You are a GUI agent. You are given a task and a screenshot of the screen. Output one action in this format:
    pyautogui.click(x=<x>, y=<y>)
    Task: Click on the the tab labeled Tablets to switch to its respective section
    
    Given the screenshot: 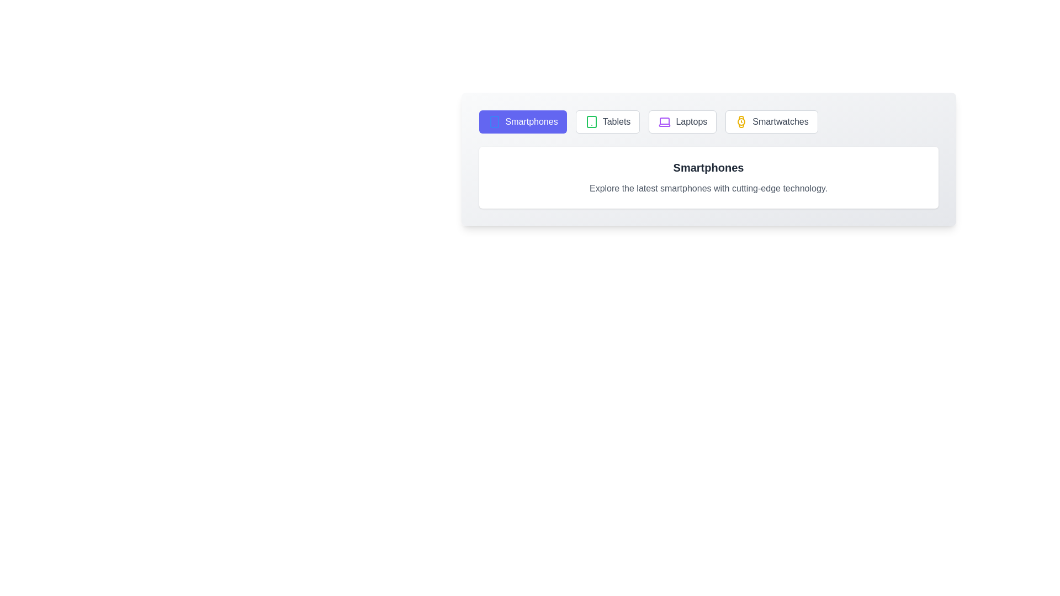 What is the action you would take?
    pyautogui.click(x=607, y=121)
    